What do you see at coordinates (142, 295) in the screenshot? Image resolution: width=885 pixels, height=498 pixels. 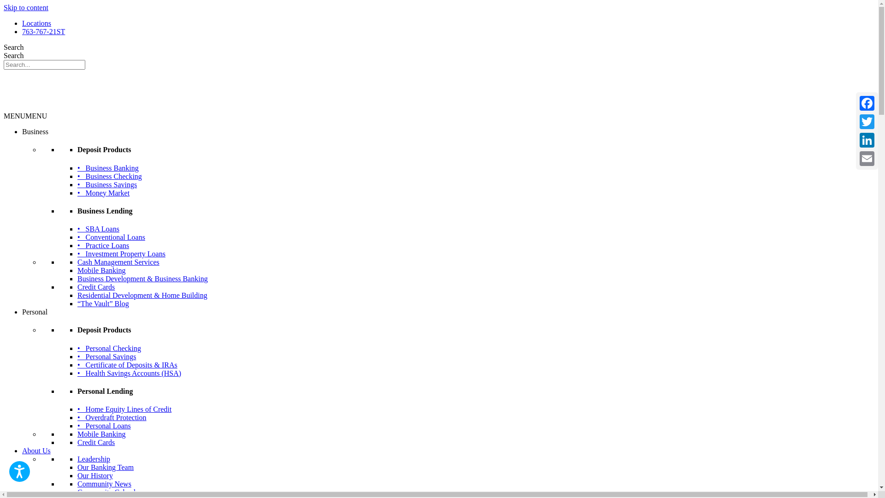 I see `'Residential Development & Home Building'` at bounding box center [142, 295].